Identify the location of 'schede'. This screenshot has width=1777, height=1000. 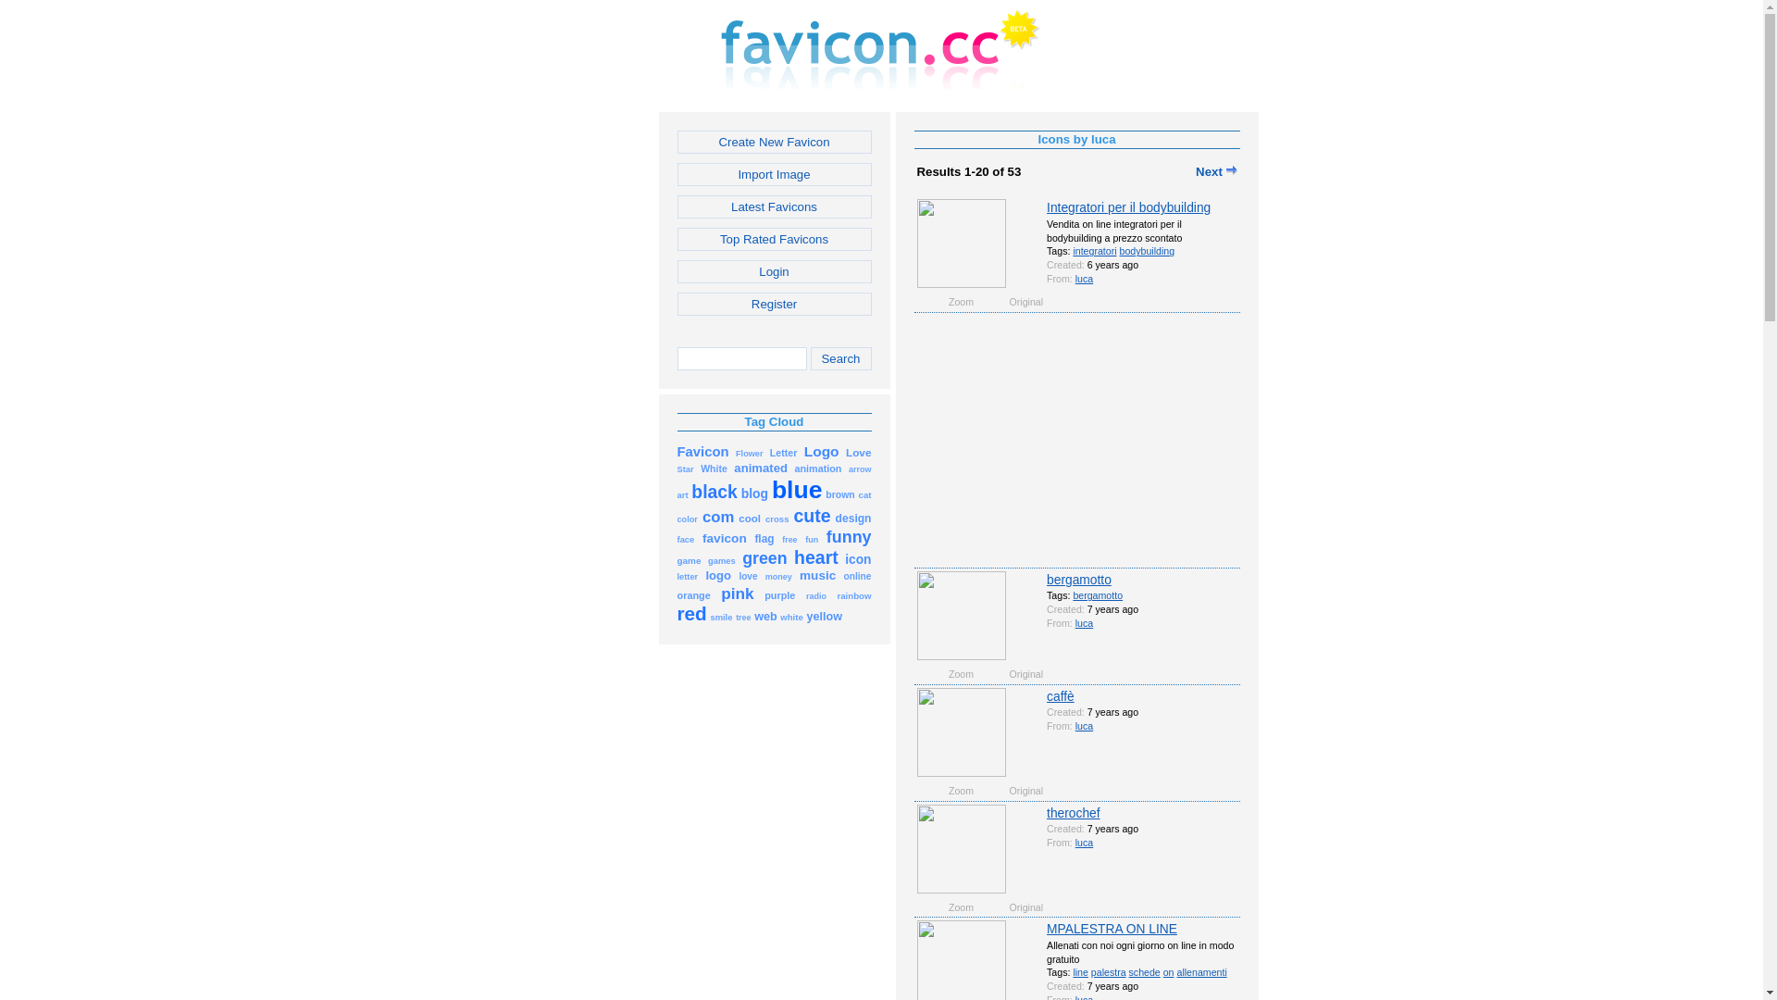
(1144, 970).